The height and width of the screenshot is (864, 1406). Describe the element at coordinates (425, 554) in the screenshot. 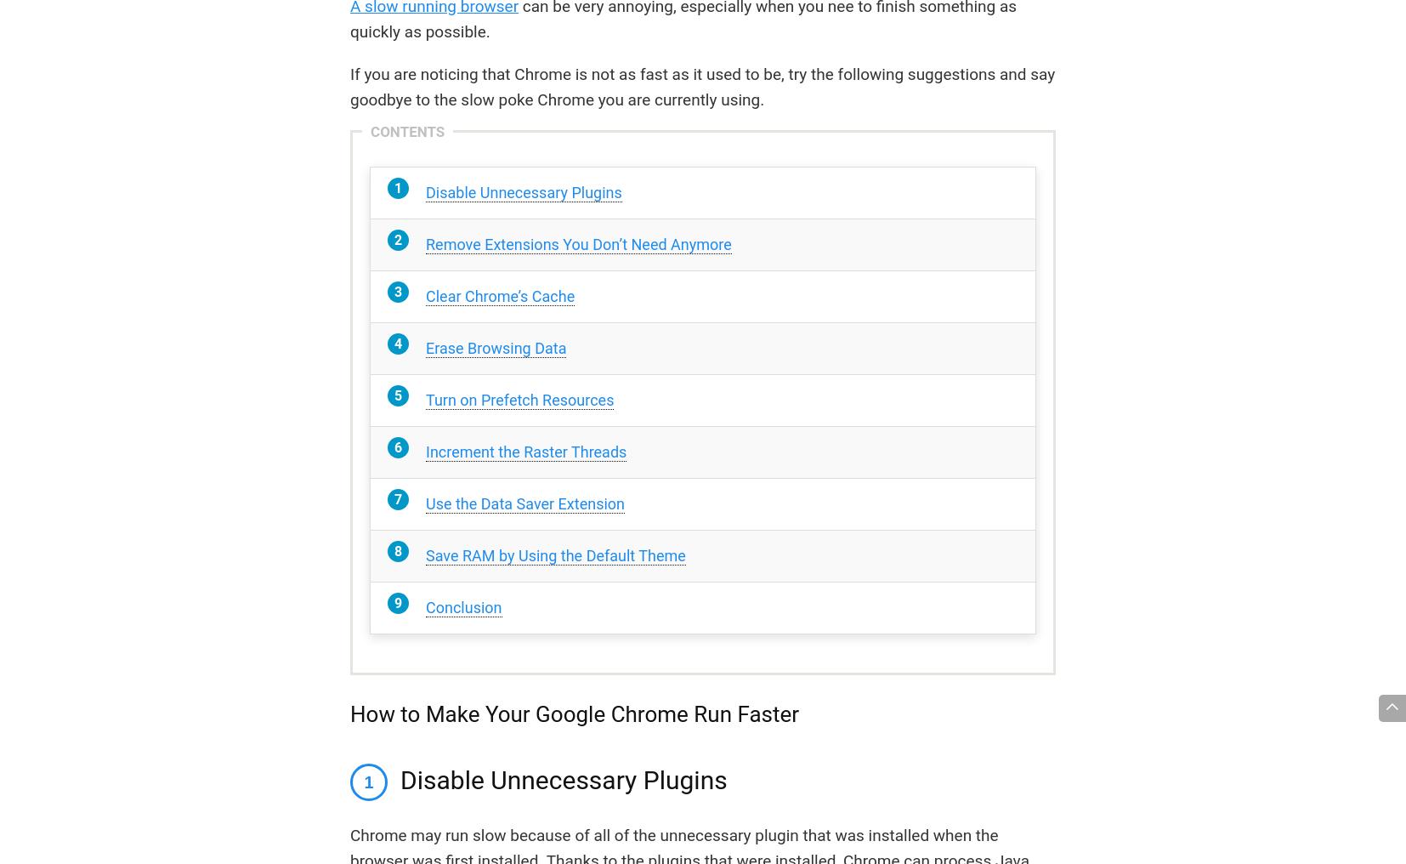

I see `'Save RAM by Using the Default Theme'` at that location.